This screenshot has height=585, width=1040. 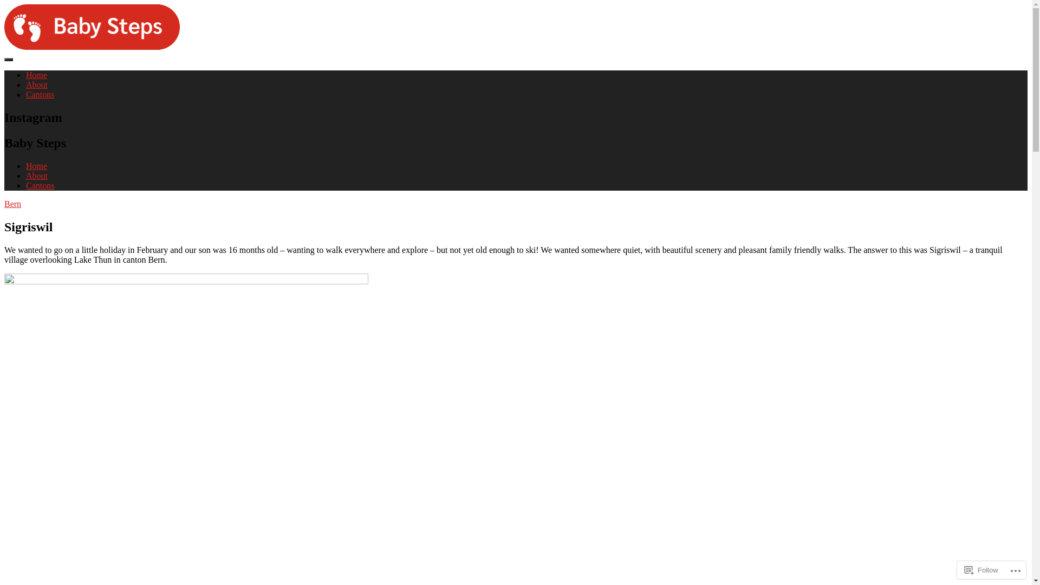 What do you see at coordinates (981, 569) in the screenshot?
I see `'Follow'` at bounding box center [981, 569].